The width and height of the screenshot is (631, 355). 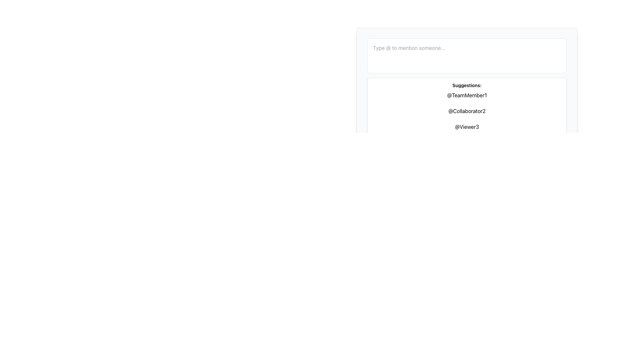 What do you see at coordinates (466, 100) in the screenshot?
I see `the Suggestions dropdown` at bounding box center [466, 100].